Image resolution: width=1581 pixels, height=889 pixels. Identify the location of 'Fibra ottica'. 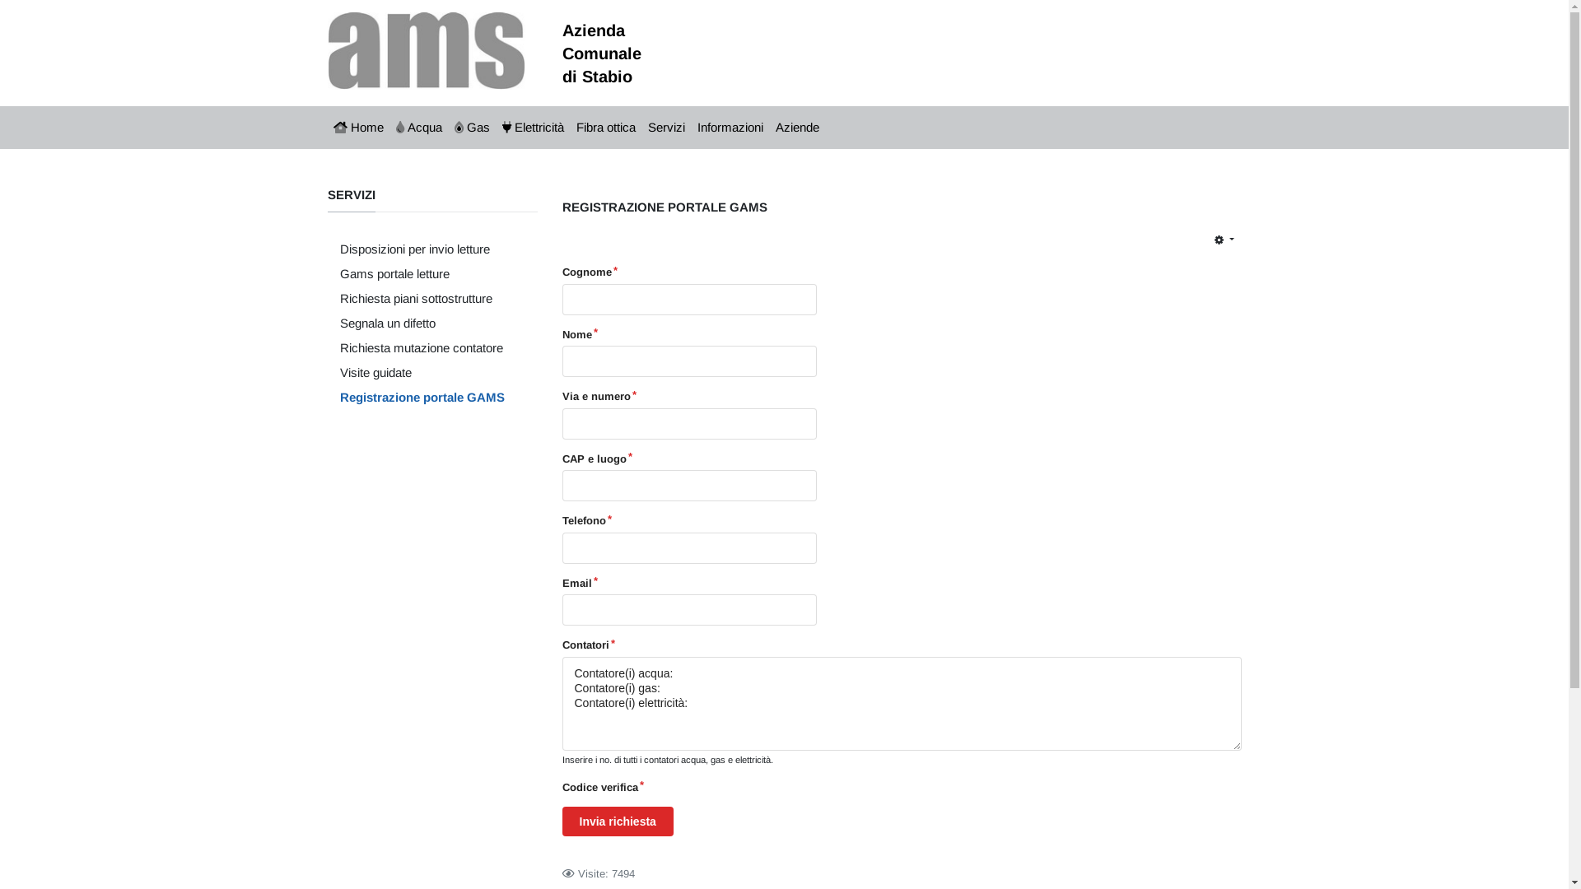
(604, 126).